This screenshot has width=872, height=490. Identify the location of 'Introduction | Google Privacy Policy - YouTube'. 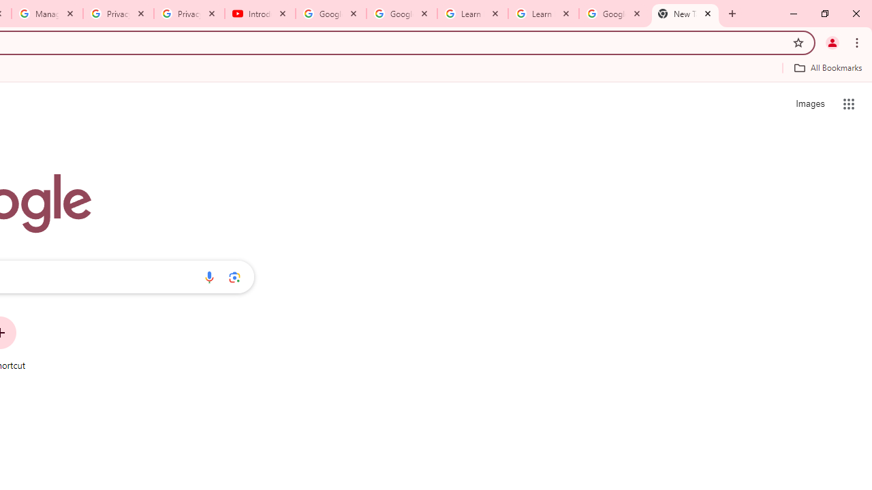
(260, 14).